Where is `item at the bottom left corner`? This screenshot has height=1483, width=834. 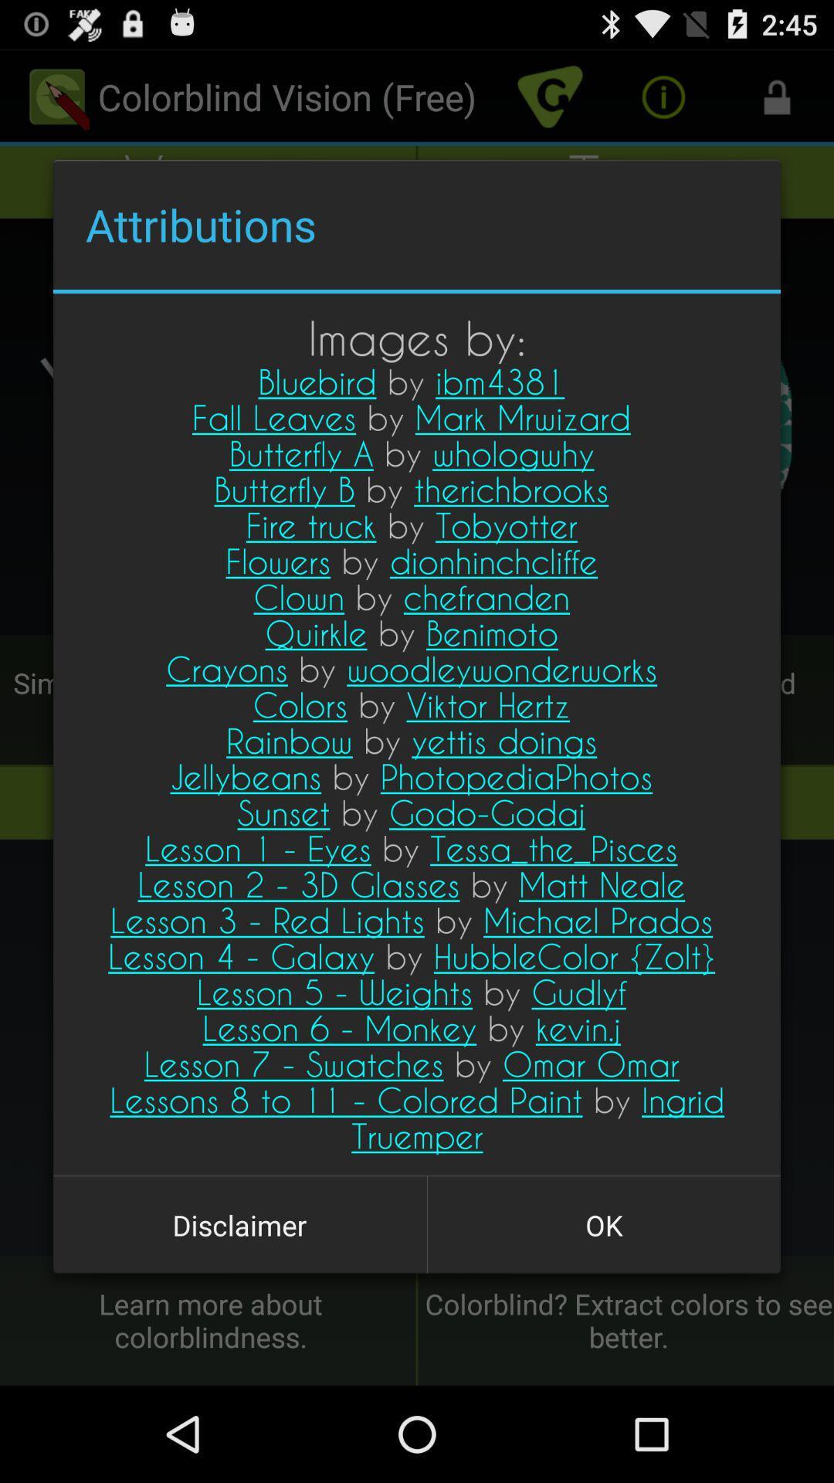 item at the bottom left corner is located at coordinates (239, 1224).